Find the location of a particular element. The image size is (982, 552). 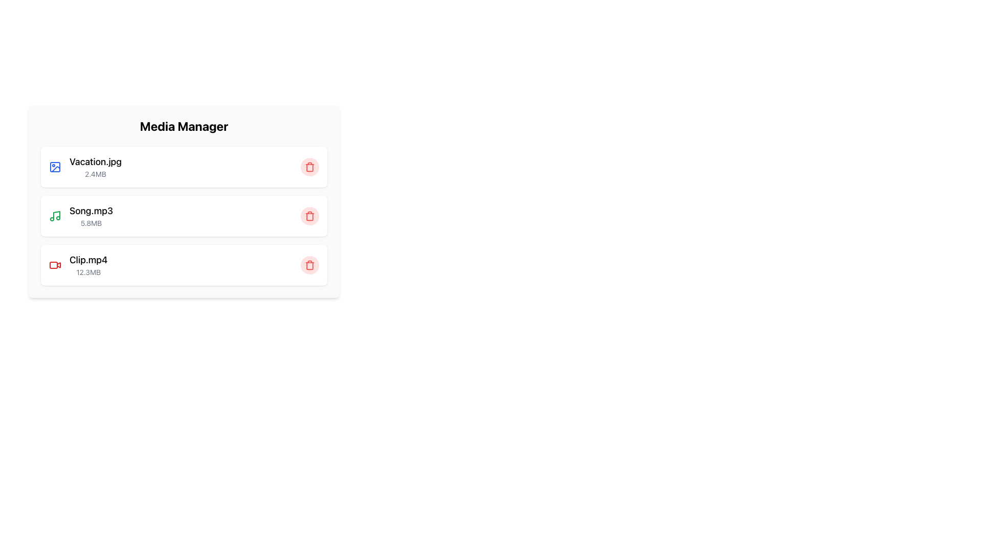

the red button in the bottom right corner of the 'Clip.mp4' entry in the 'Media Manager' pane is located at coordinates (53, 265).